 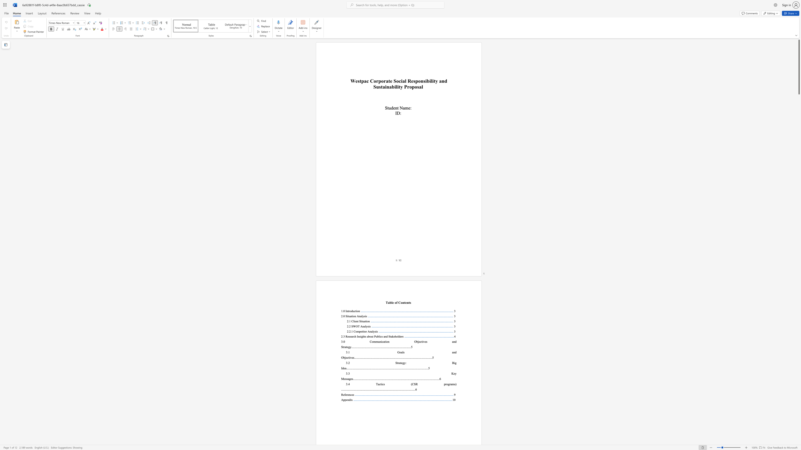 I want to click on the 2th character "s" in the text, so click(x=353, y=357).